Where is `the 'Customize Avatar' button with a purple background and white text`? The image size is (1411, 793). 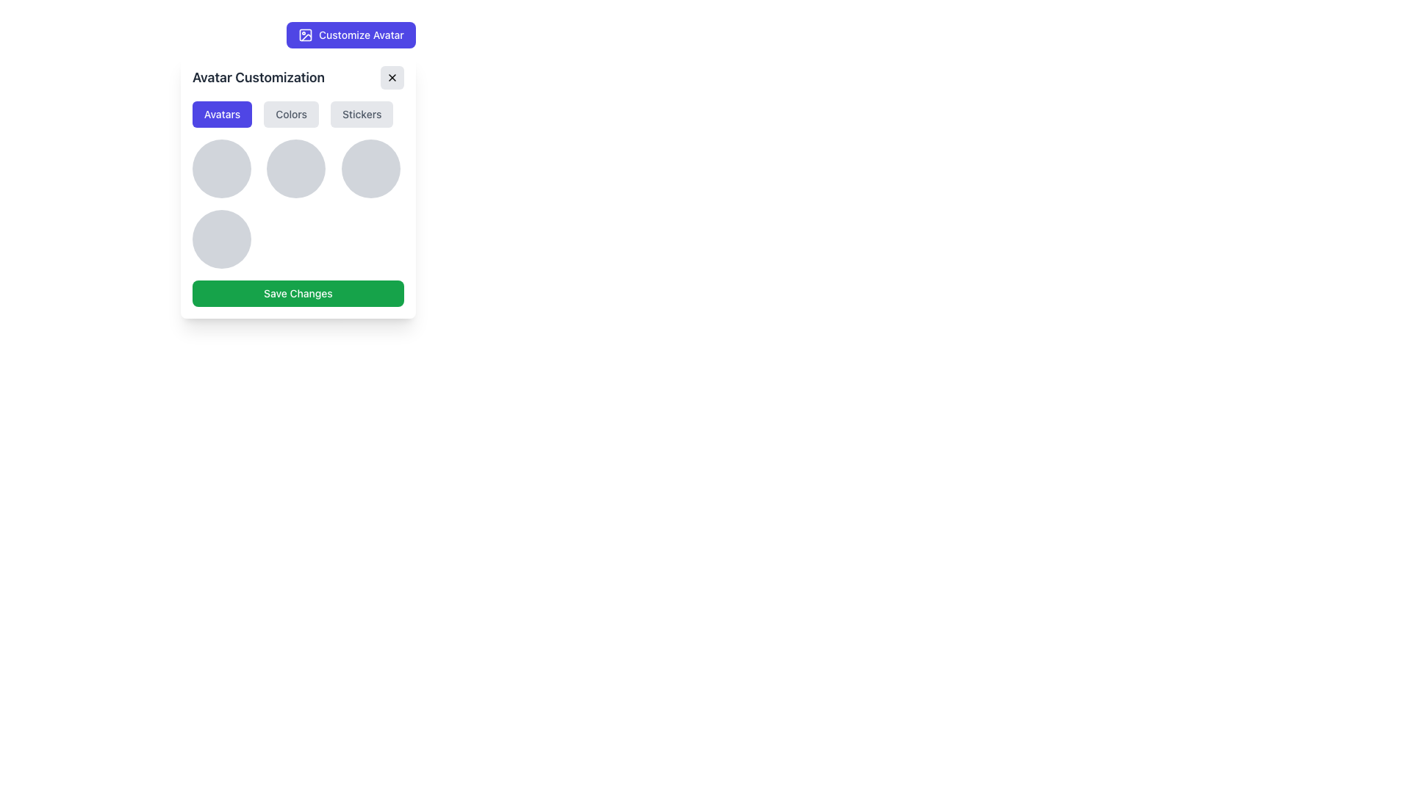
the 'Customize Avatar' button with a purple background and white text is located at coordinates (351, 34).